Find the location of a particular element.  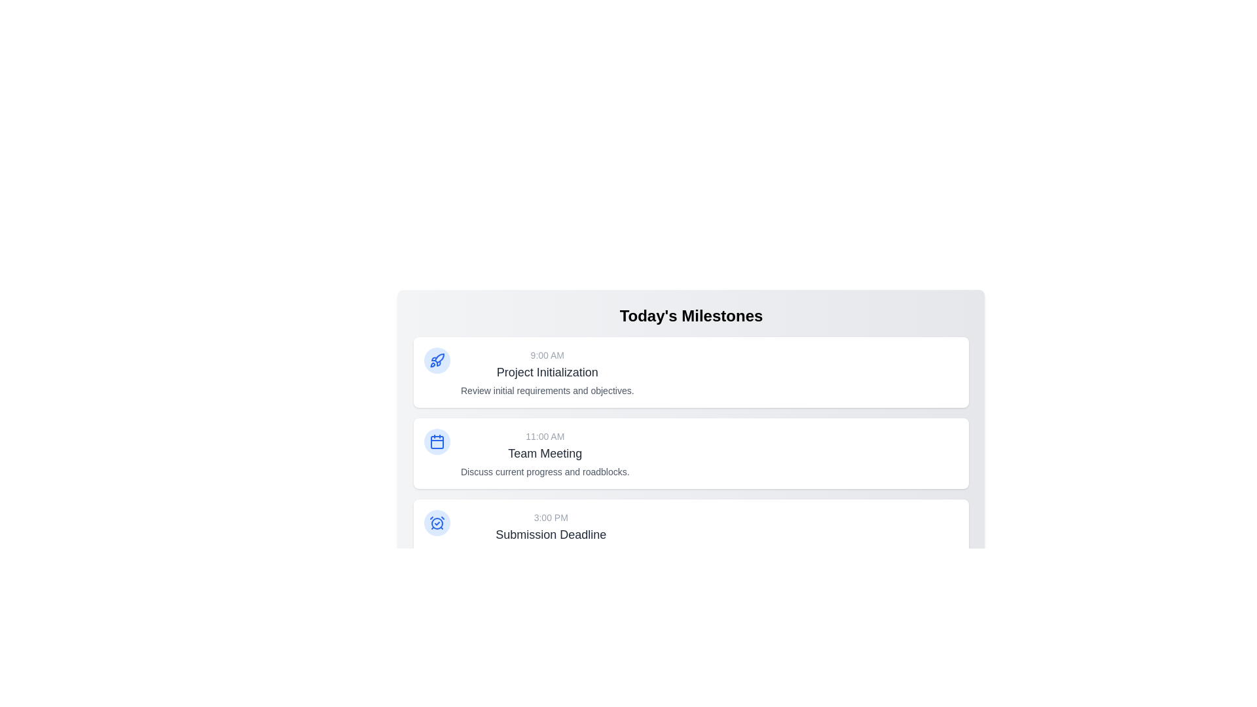

the circular badge representing the milestone labeled 'Project Initialization', located at the top left corner of the item block is located at coordinates (437, 361).